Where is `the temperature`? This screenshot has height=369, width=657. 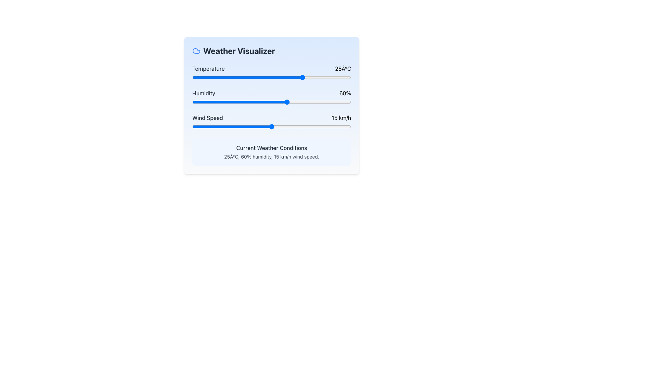
the temperature is located at coordinates (240, 77).